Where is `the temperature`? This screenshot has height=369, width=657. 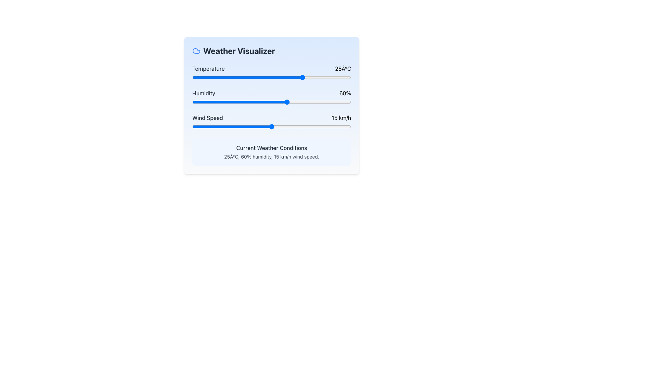
the temperature is located at coordinates (240, 77).